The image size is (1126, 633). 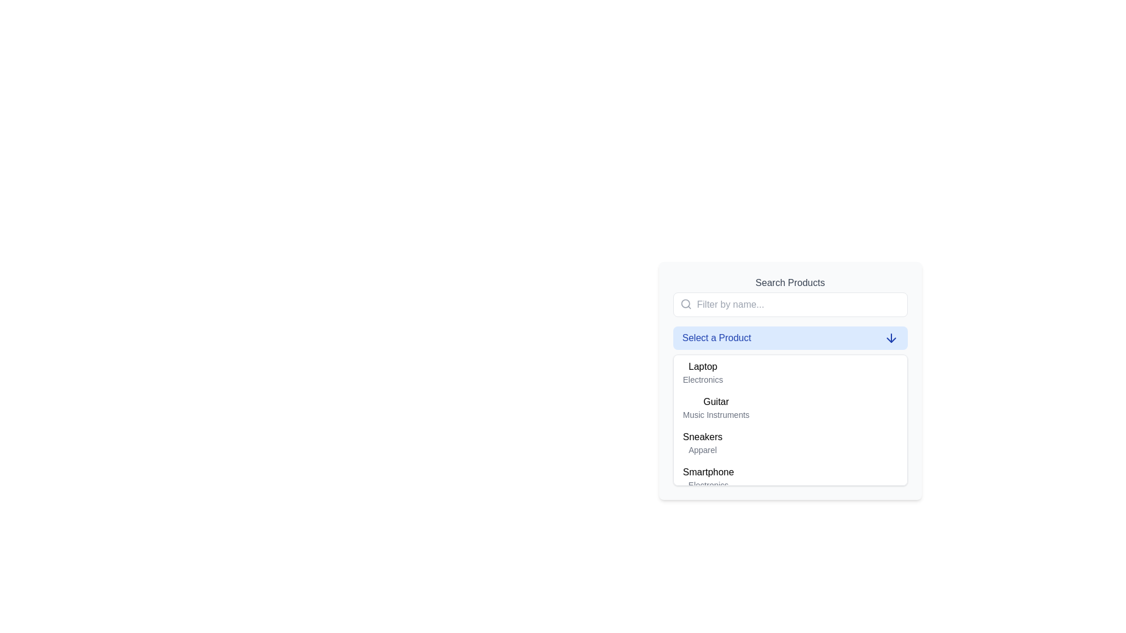 I want to click on the 'Laptop' option in the dropdown list located below the 'Select a Product' field, so click(x=790, y=381).